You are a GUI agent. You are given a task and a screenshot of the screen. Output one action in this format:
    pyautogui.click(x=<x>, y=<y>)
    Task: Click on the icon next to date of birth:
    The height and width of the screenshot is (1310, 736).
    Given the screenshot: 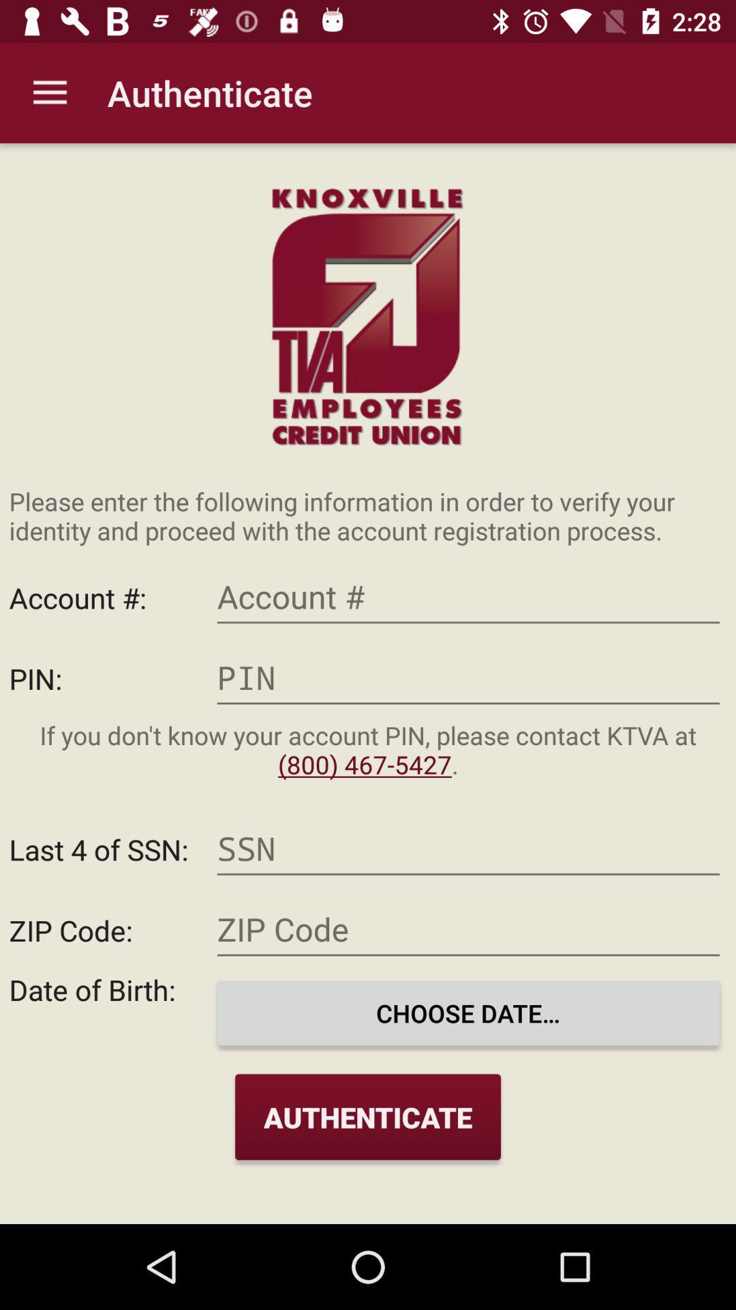 What is the action you would take?
    pyautogui.click(x=467, y=1013)
    